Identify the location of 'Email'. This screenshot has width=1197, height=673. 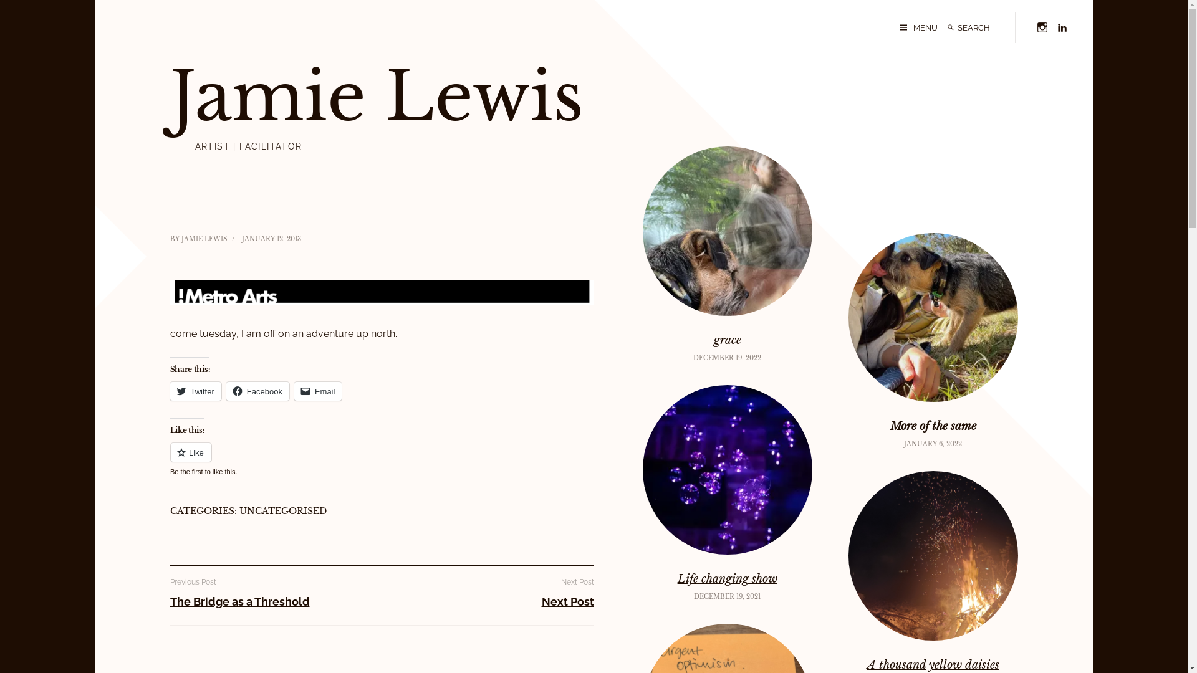
(318, 391).